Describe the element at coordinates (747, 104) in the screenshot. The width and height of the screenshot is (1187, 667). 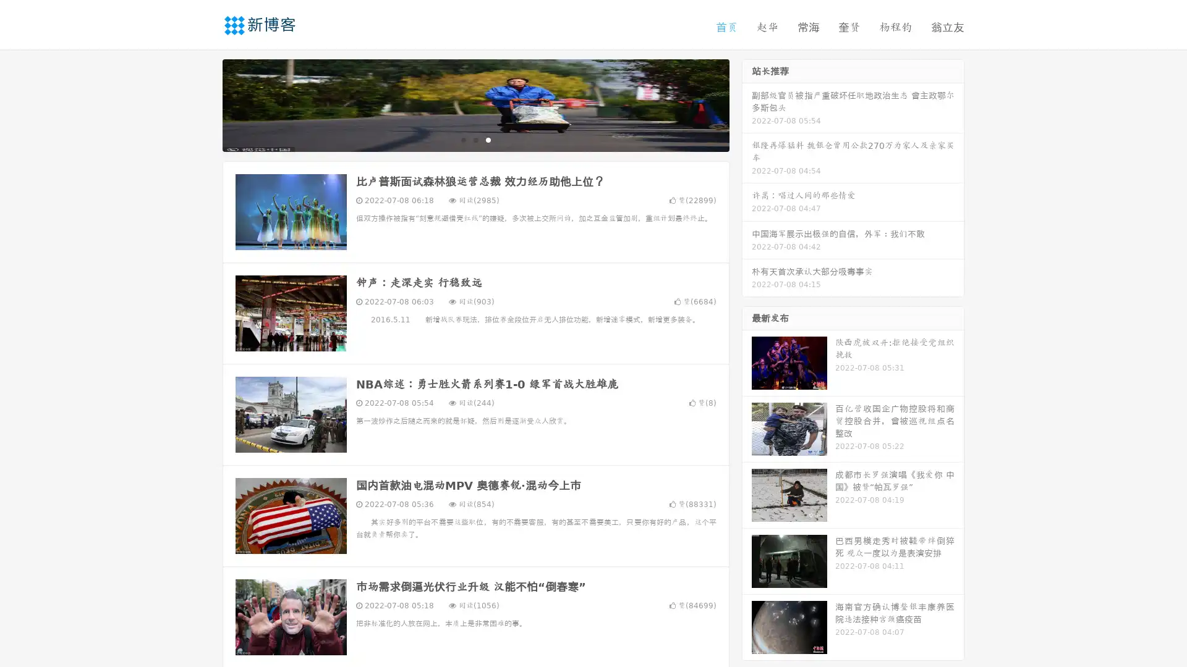
I see `Next slide` at that location.